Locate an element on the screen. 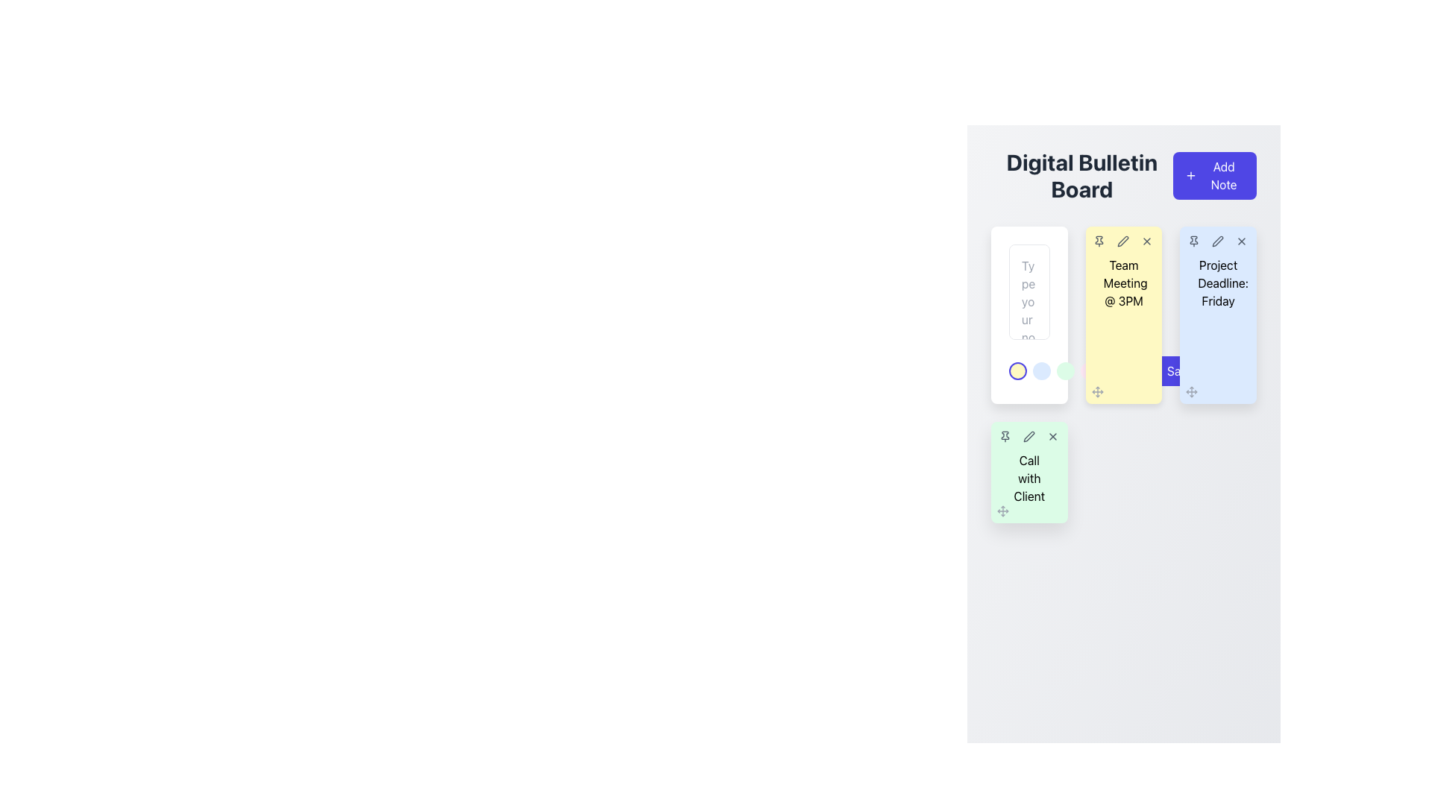 The height and width of the screenshot is (805, 1432). the circular button with a soft blue background, the second from the left in a sequence of five indicators is located at coordinates (1040, 370).